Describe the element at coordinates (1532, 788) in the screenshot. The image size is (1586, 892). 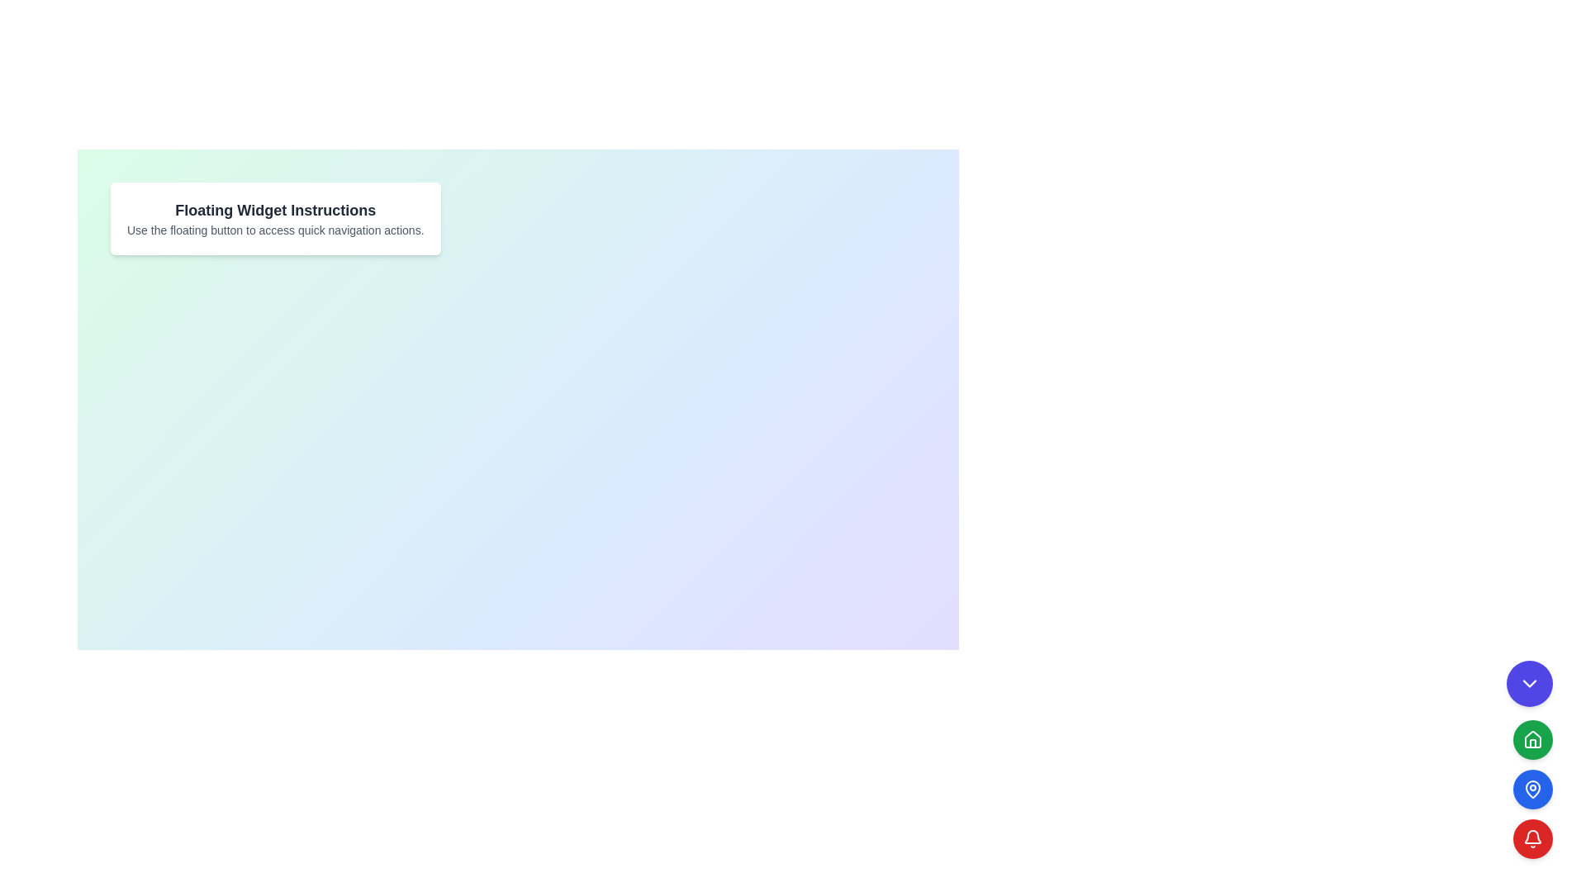
I see `the location icon located centrally within the third circular button from the top in a vertical stack of four buttons on the right side of the interface` at that location.